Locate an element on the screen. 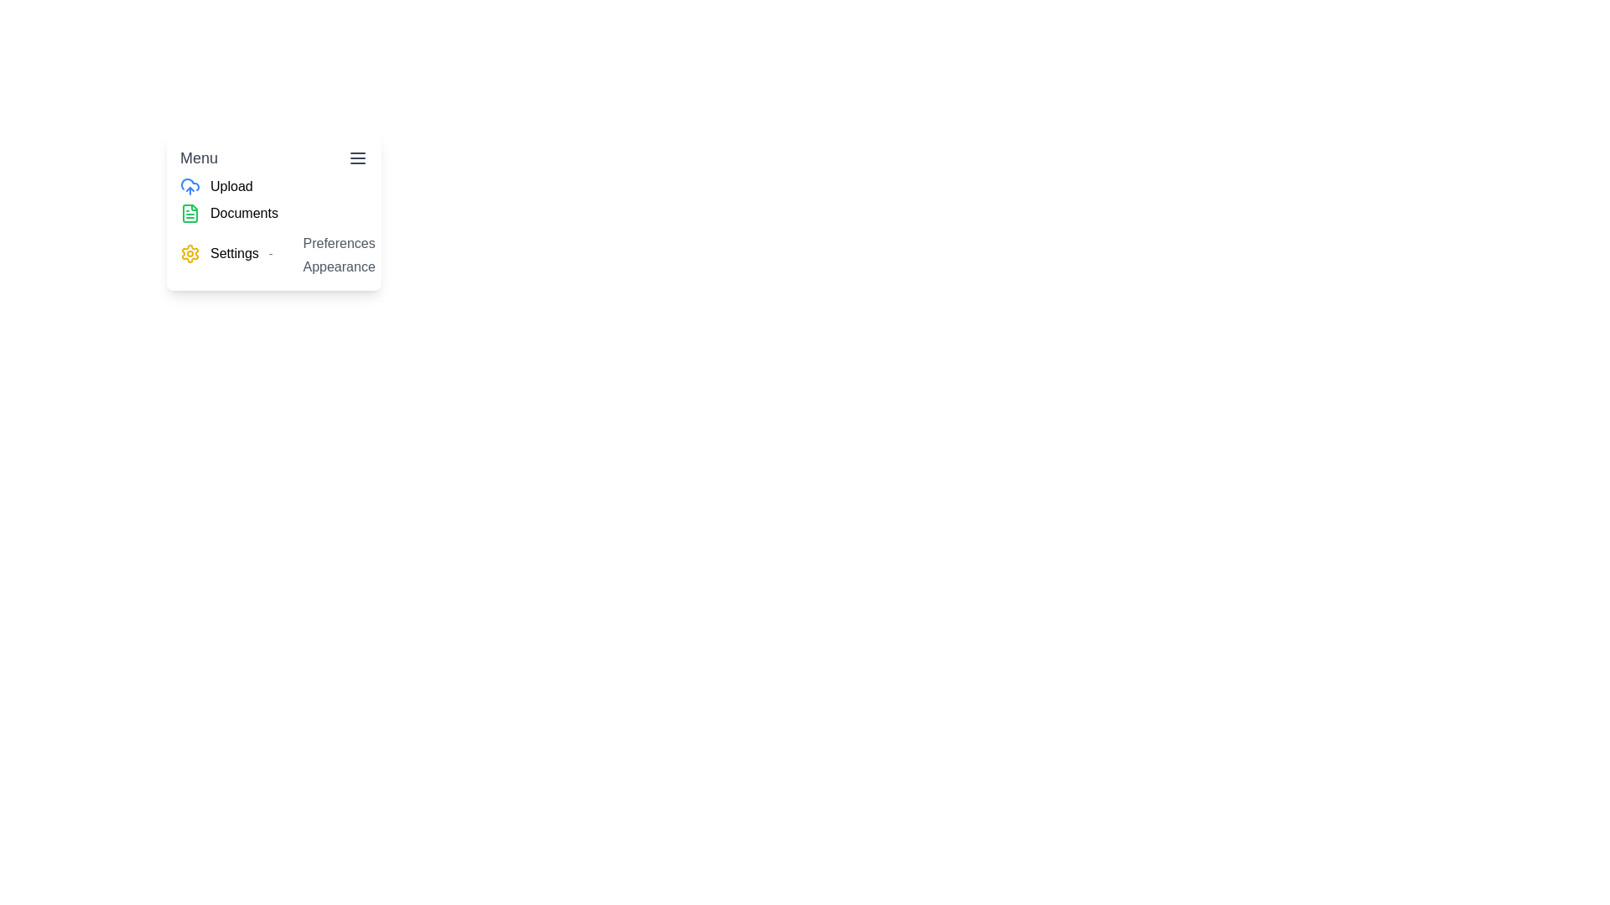 This screenshot has width=1610, height=905. the 'Documents' menu option, which is represented by a small green icon situated to the left of the 'Documents' text in the menu panel is located at coordinates (190, 212).